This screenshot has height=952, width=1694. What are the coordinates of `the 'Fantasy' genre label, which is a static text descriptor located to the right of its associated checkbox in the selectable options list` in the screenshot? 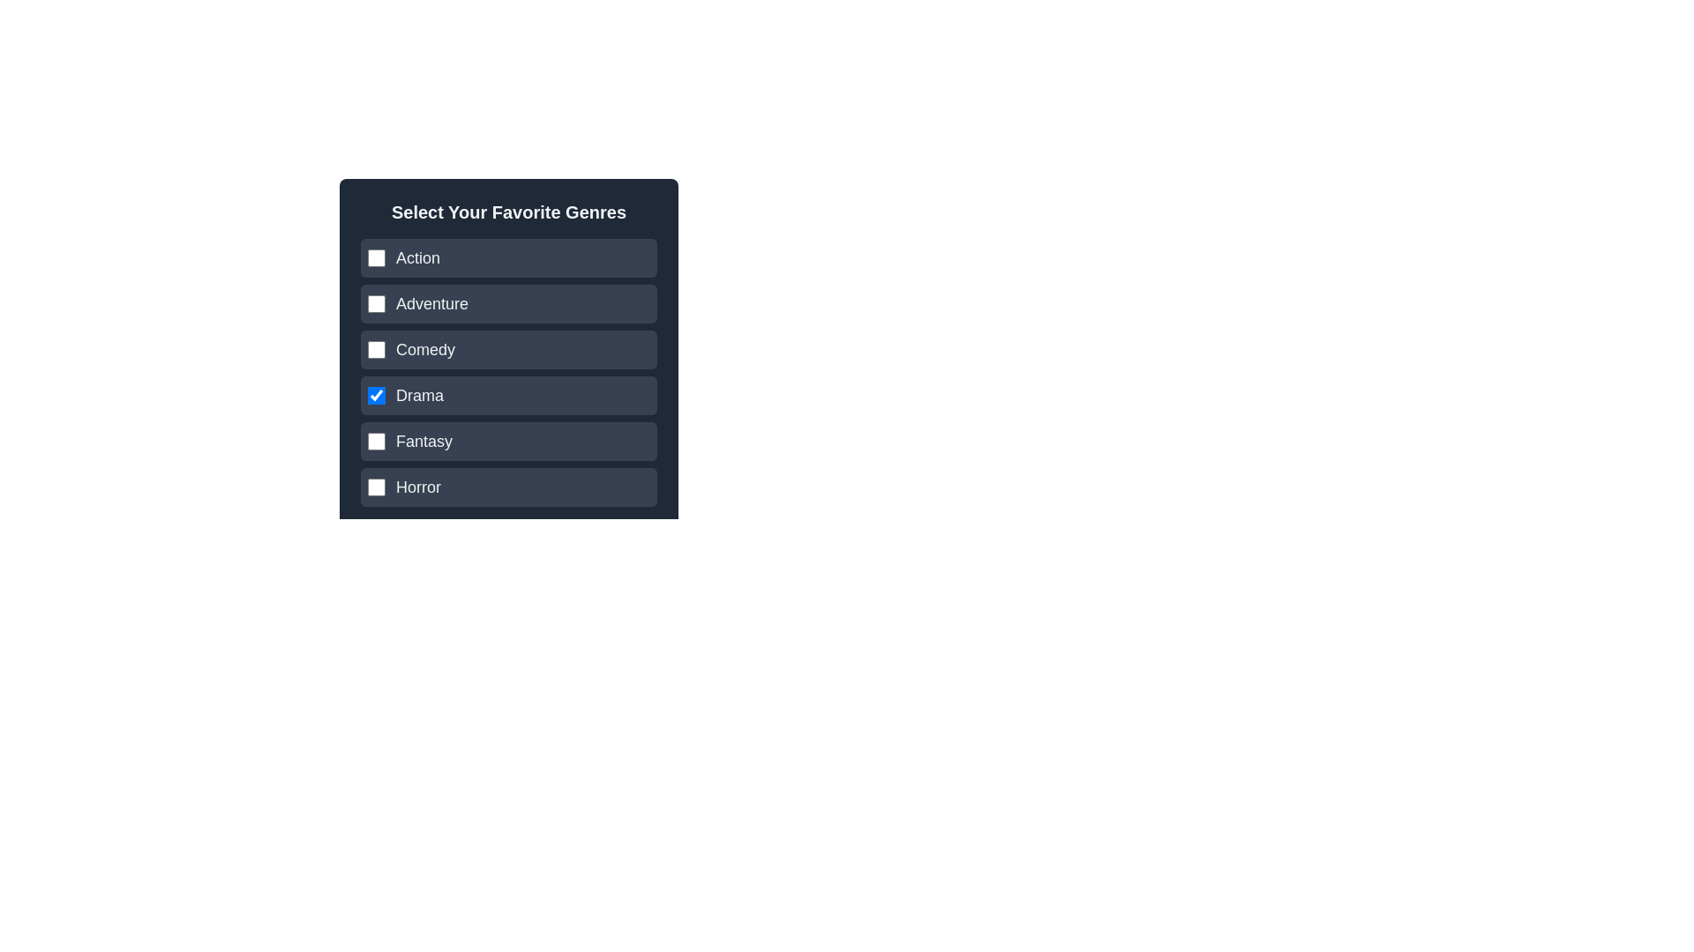 It's located at (423, 441).